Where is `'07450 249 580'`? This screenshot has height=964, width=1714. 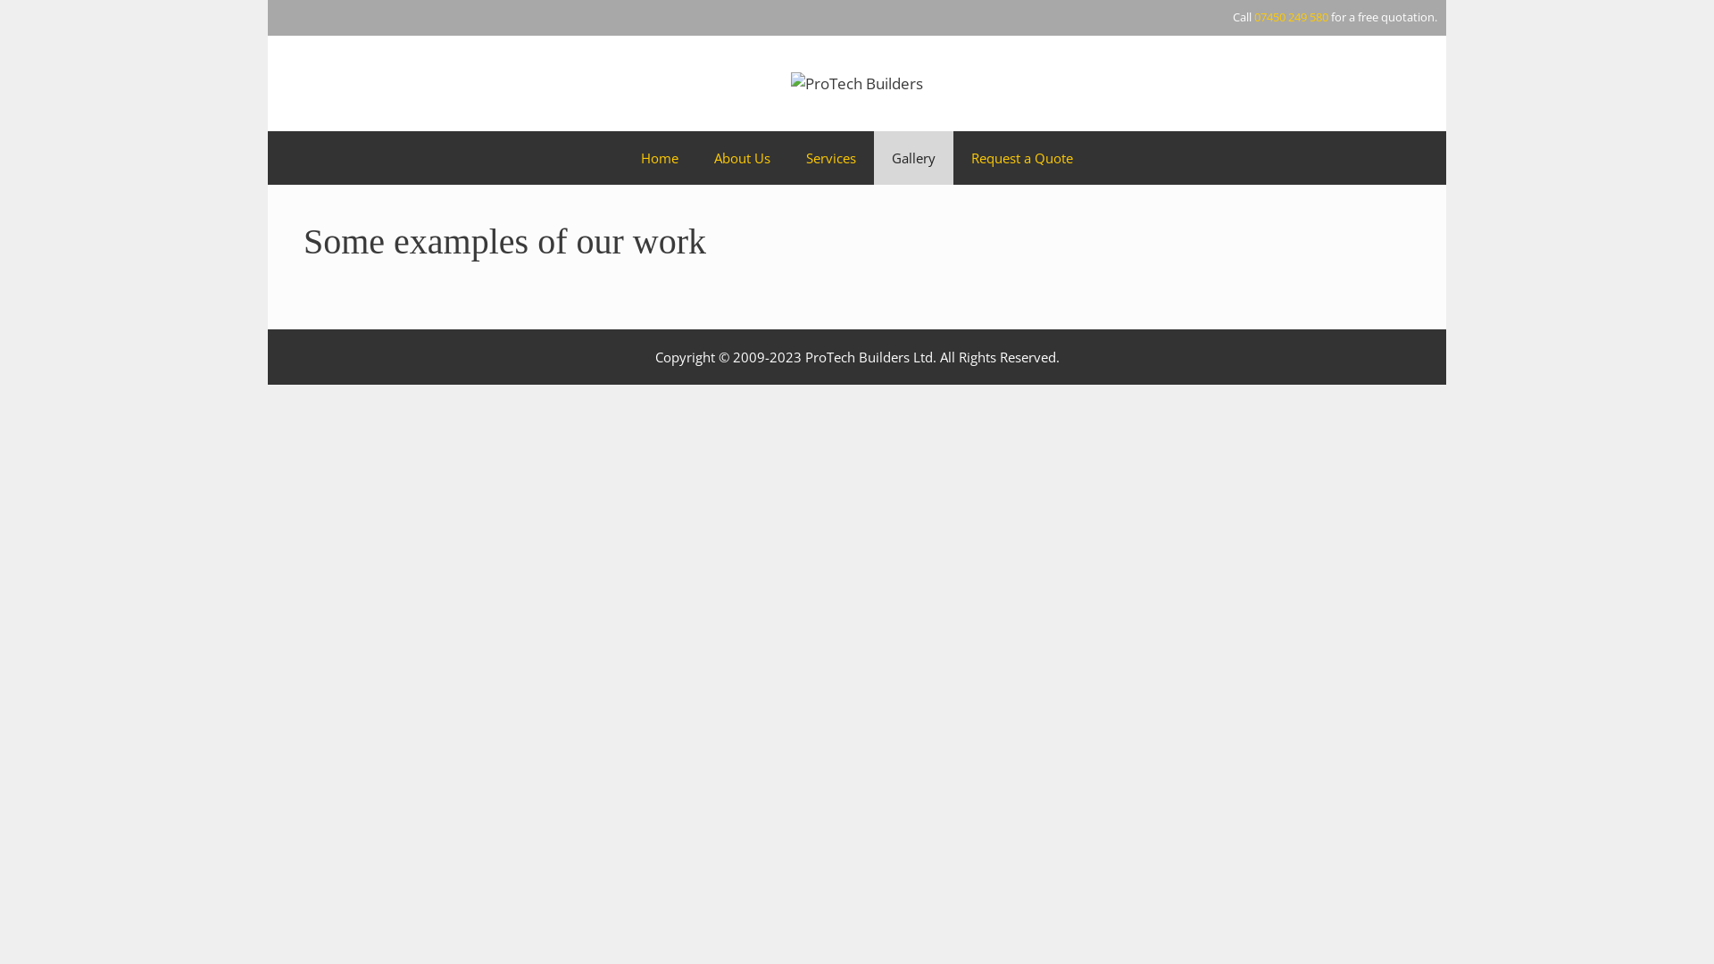 '07450 249 580' is located at coordinates (1291, 17).